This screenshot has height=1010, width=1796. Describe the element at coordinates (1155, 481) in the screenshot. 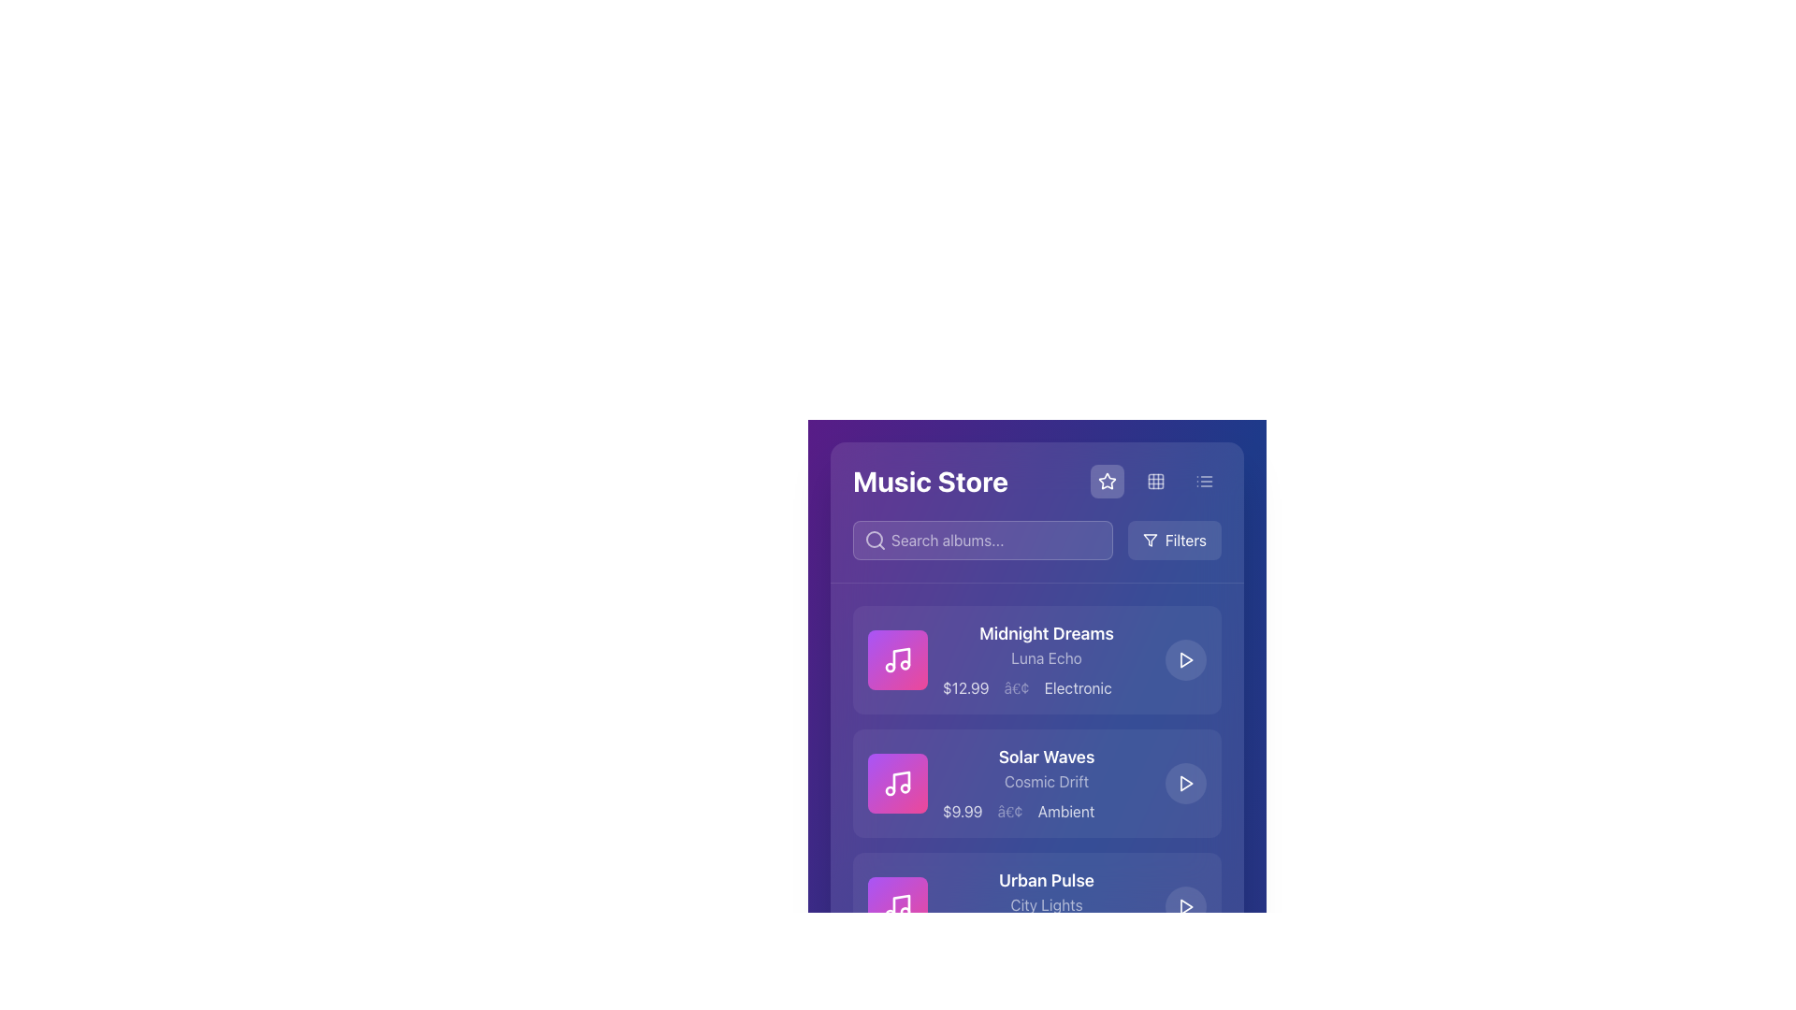

I see `the decorative grid icon located in the upper section of the interface, positioned to the right of the star icon and left of the menu button` at that location.